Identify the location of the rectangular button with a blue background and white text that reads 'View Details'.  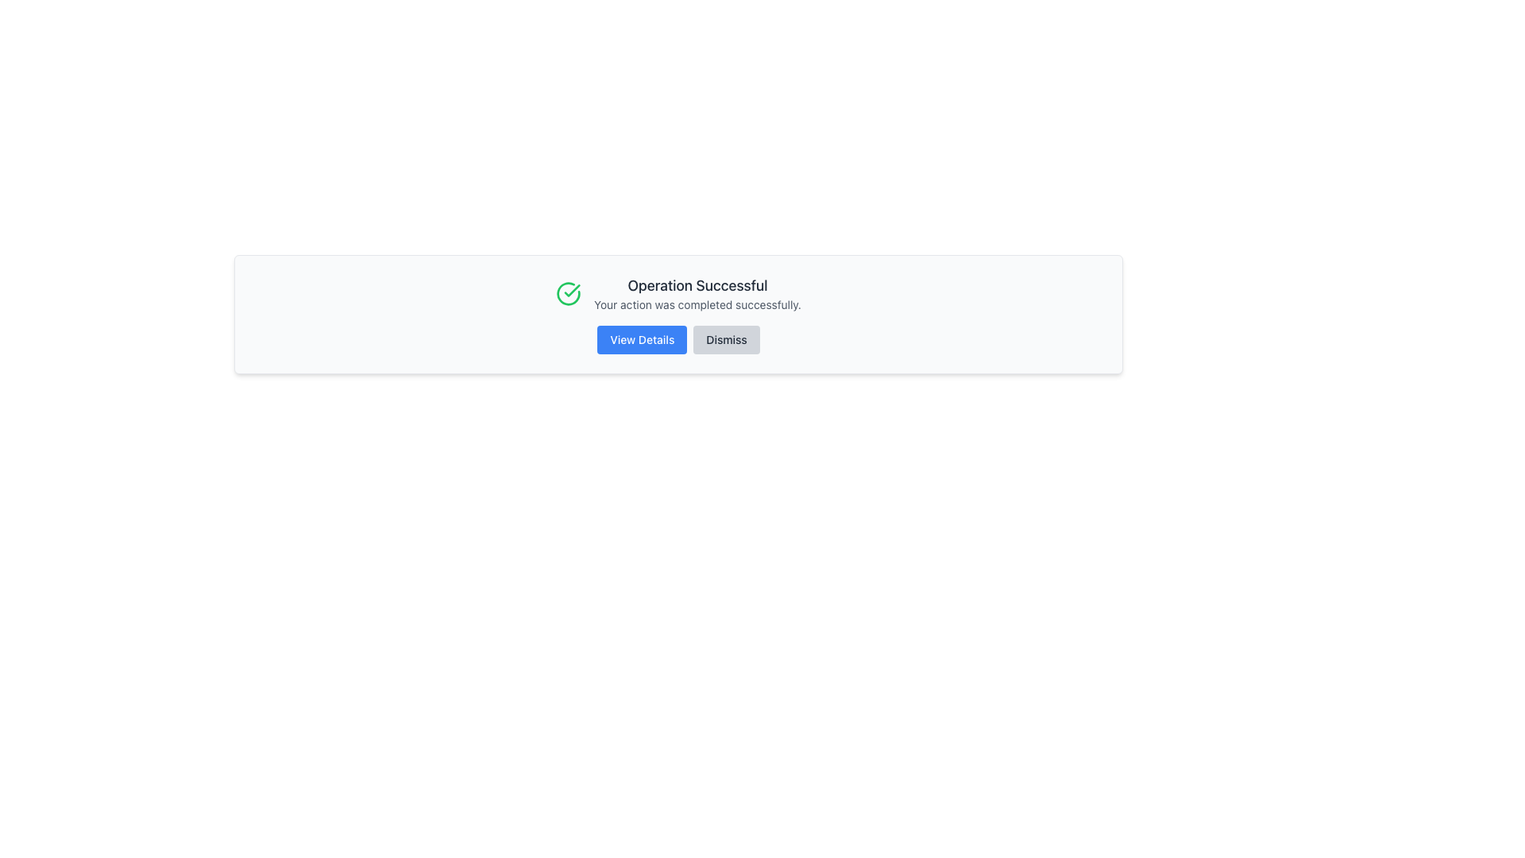
(642, 339).